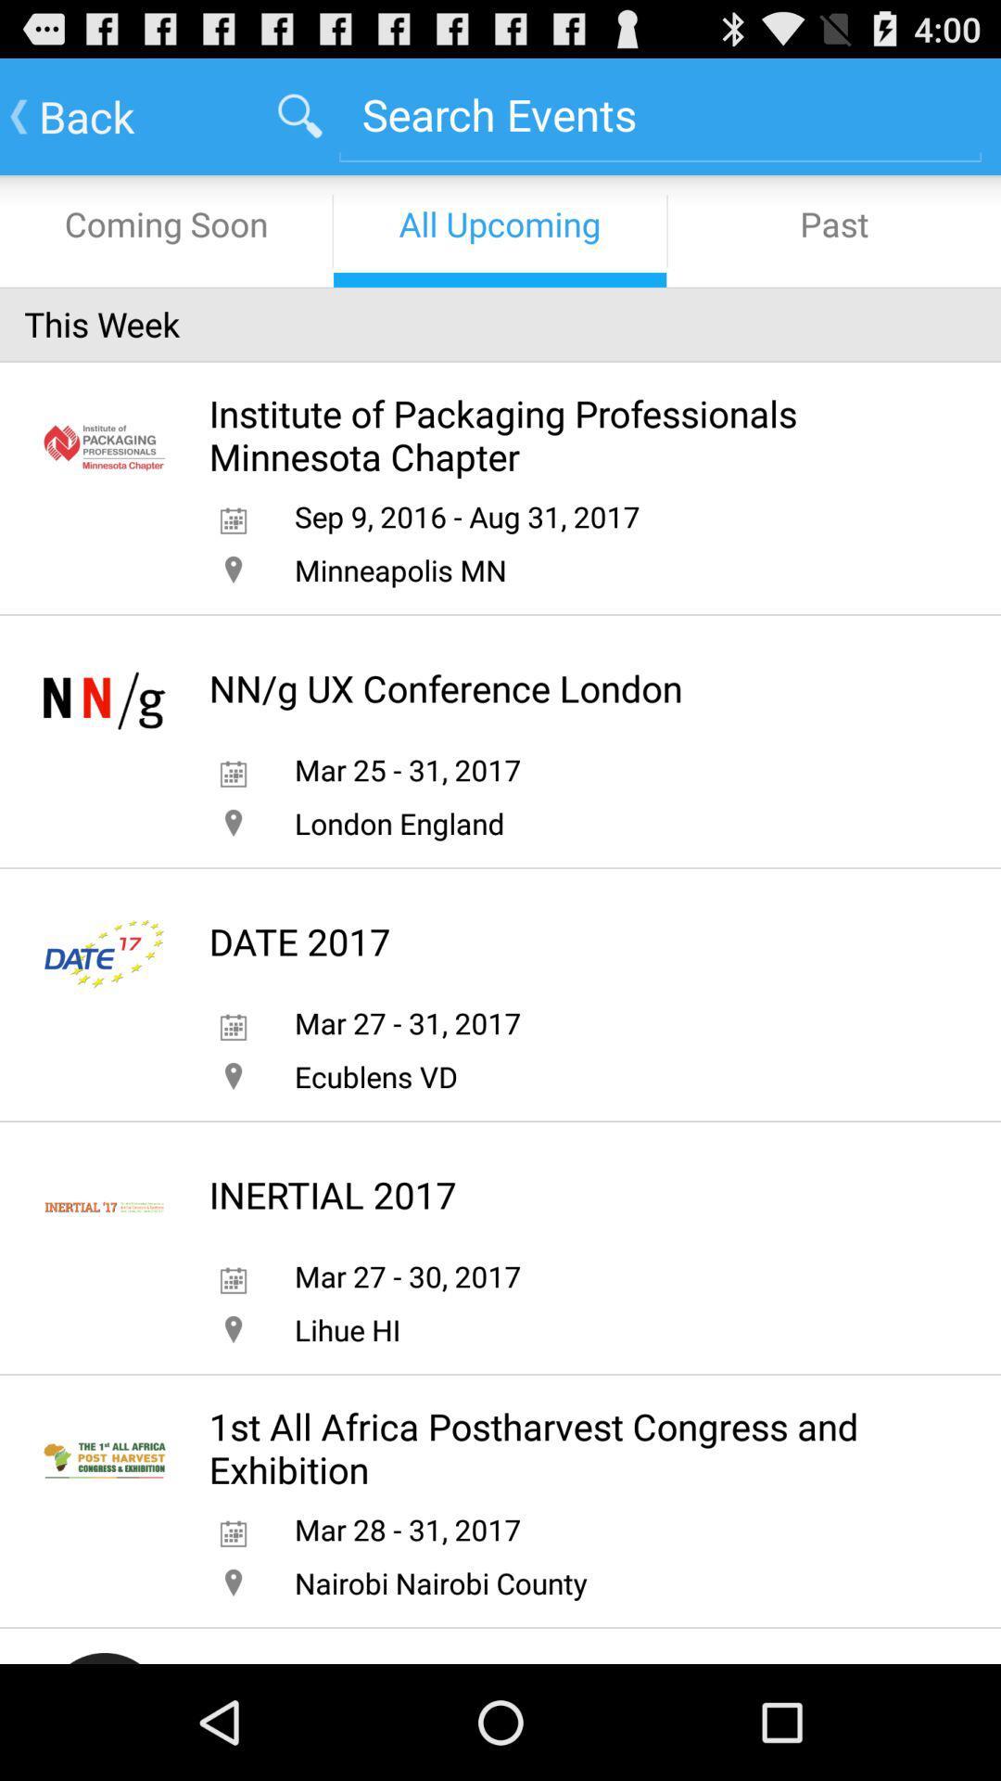 The height and width of the screenshot is (1781, 1001). Describe the element at coordinates (564, 1447) in the screenshot. I see `1st all africa icon` at that location.